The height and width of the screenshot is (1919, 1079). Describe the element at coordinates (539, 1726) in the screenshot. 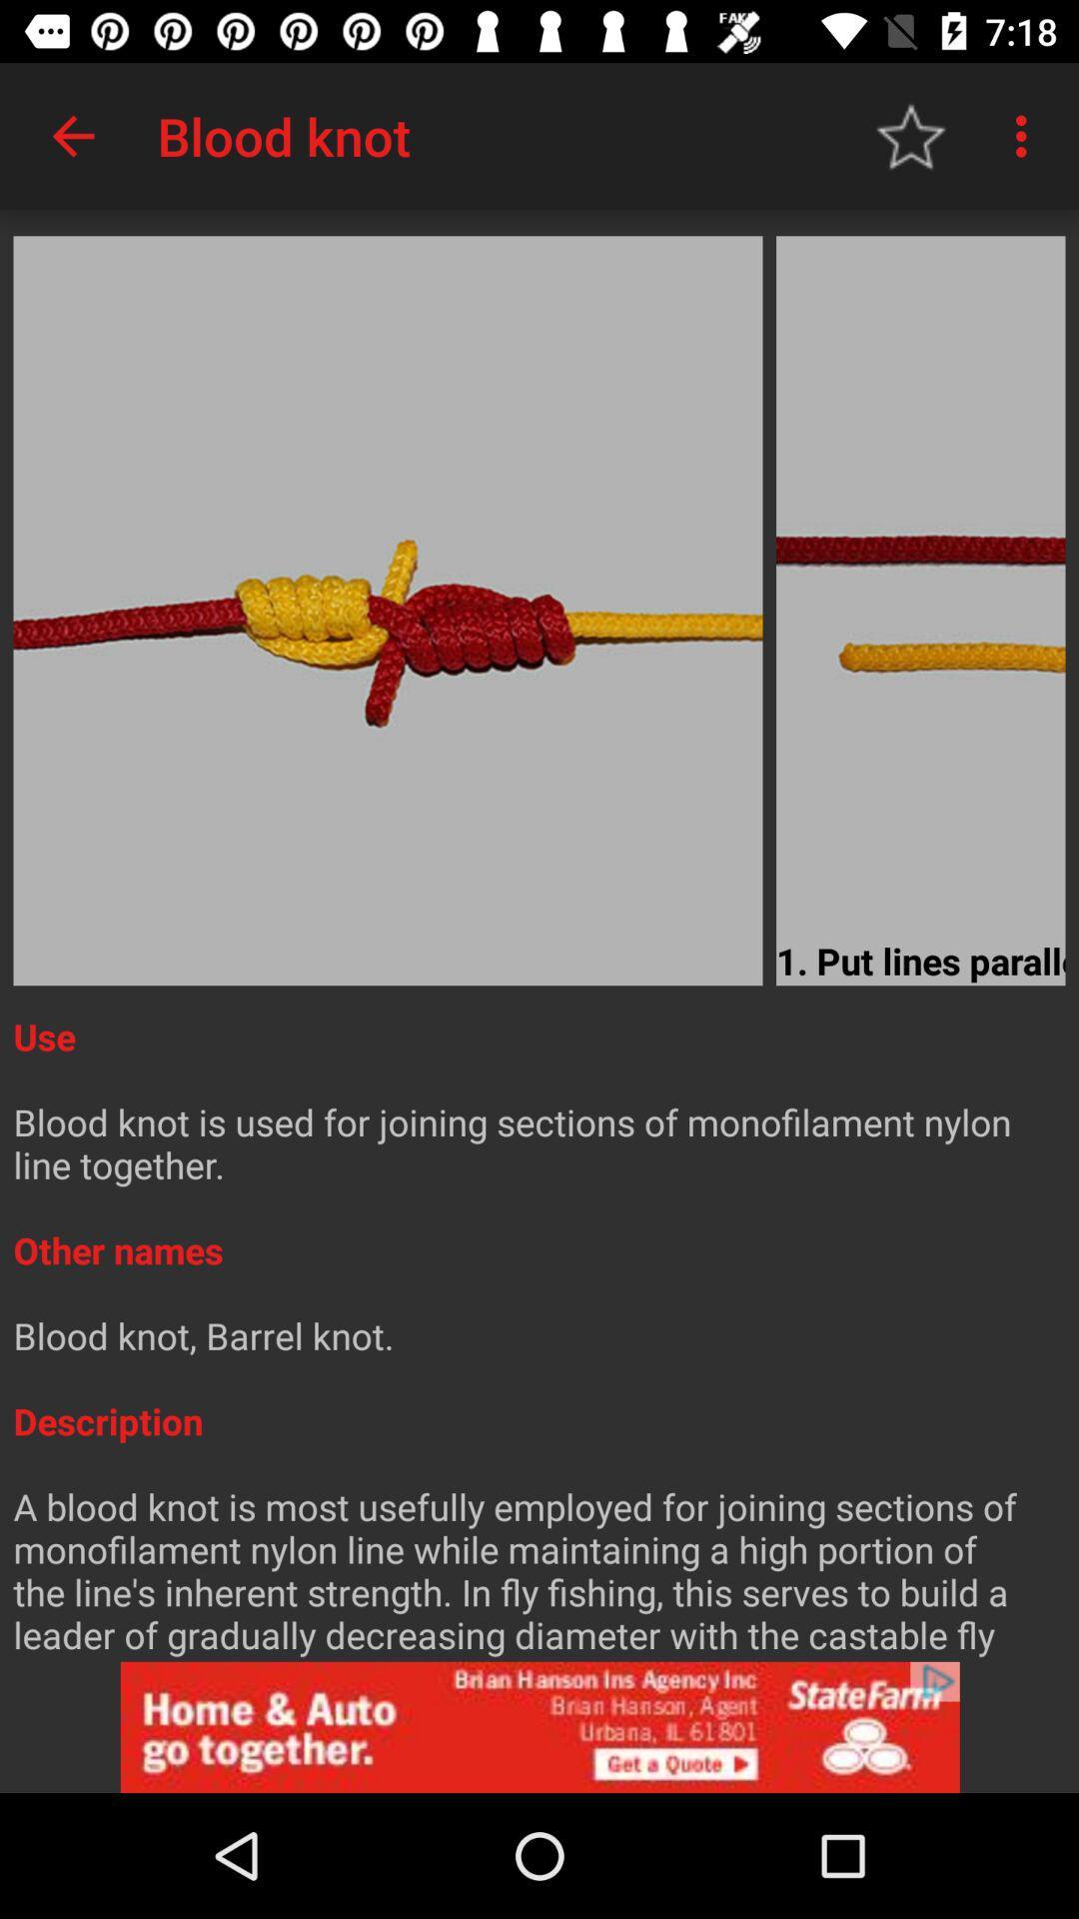

I see `advertisement` at that location.